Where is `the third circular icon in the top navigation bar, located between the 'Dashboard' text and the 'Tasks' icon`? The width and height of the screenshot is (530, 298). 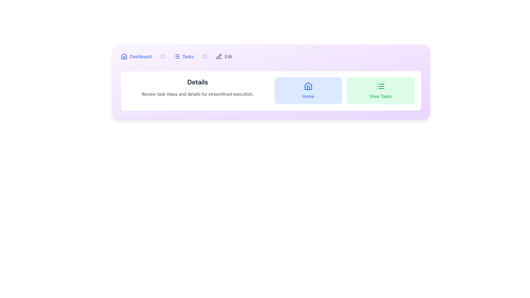
the third circular icon in the top navigation bar, located between the 'Dashboard' text and the 'Tasks' icon is located at coordinates (205, 56).